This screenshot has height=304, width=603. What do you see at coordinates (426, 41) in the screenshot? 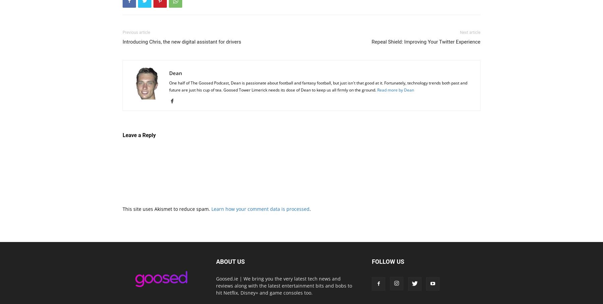
I see `'Repeal Shield: Improving Your Twitter Experience'` at bounding box center [426, 41].